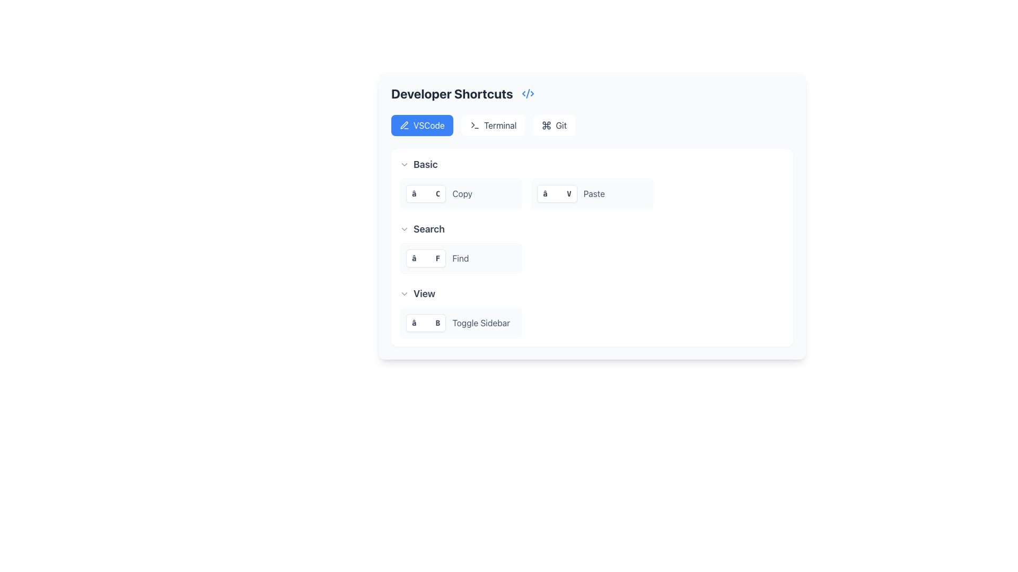  What do you see at coordinates (528, 93) in the screenshot?
I see `the blue SVG icon resembling code brackets located to the right of the text 'Developer Shortcuts'` at bounding box center [528, 93].